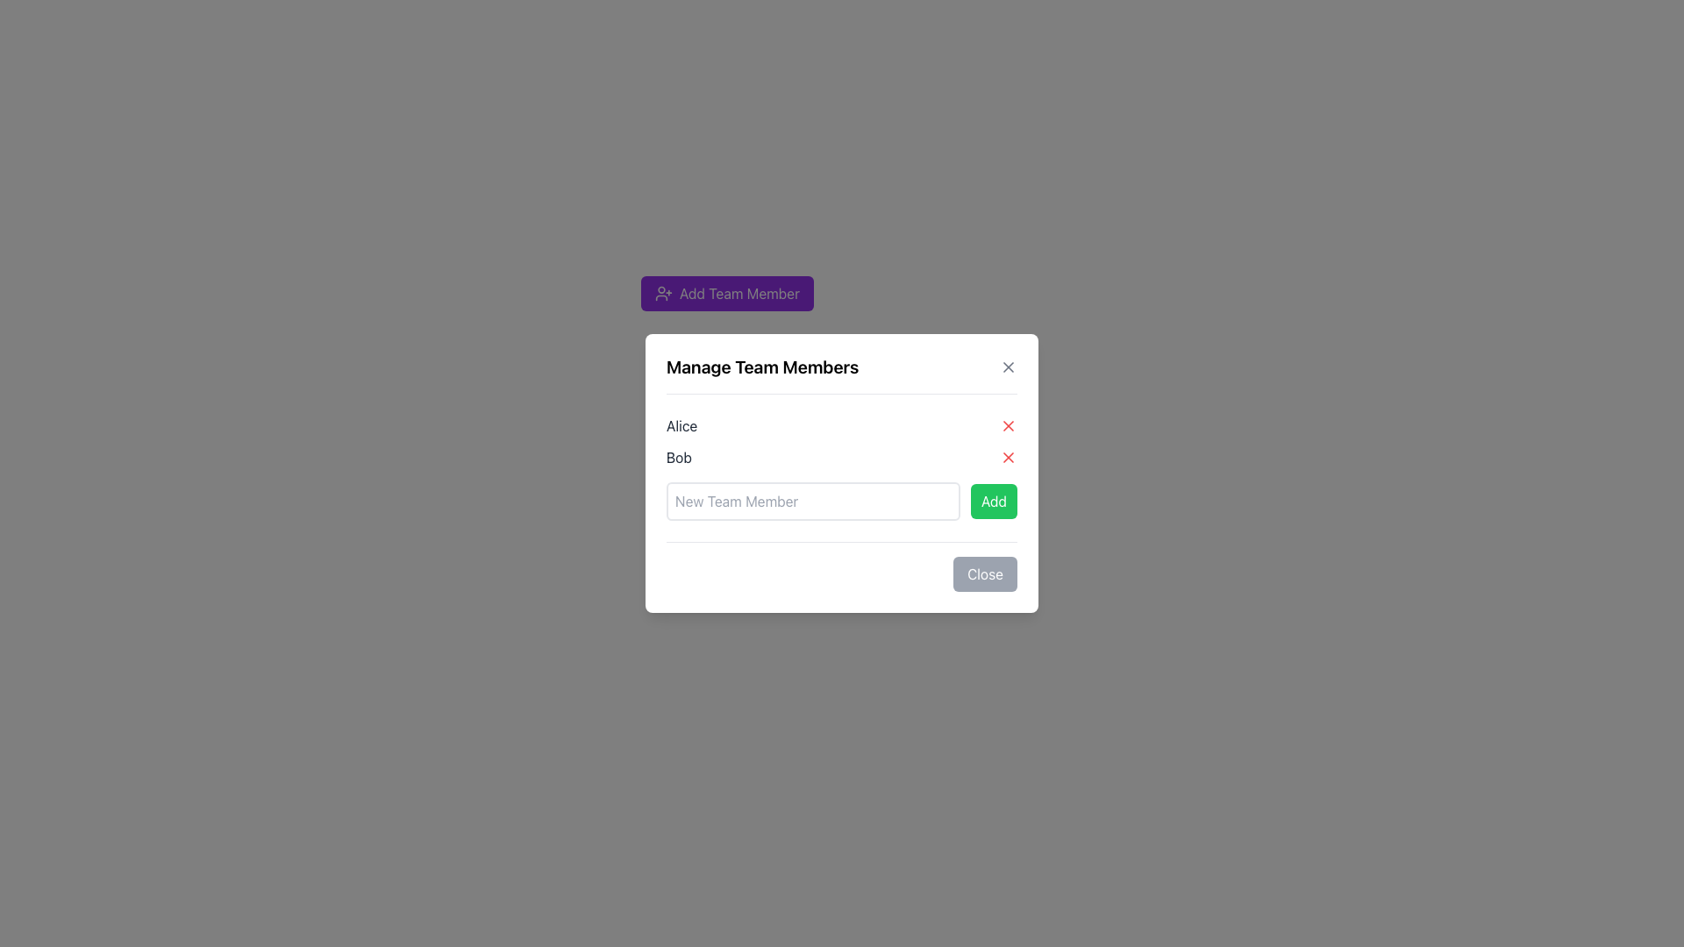  What do you see at coordinates (994, 501) in the screenshot?
I see `the 'Add Team Member' button located on the right side of the text input field in the 'Manage Team Members' modal` at bounding box center [994, 501].